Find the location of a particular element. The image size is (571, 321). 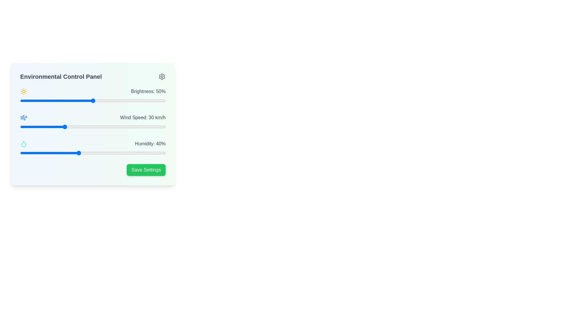

the Icon button located is located at coordinates (162, 76).